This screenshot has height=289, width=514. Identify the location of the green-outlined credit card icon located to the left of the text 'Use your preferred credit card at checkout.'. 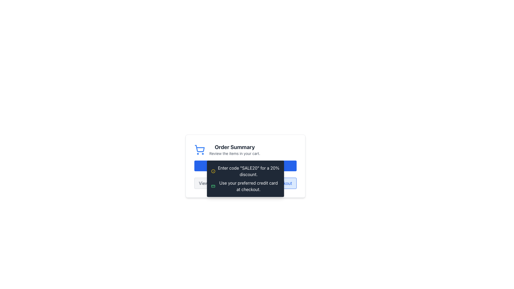
(213, 186).